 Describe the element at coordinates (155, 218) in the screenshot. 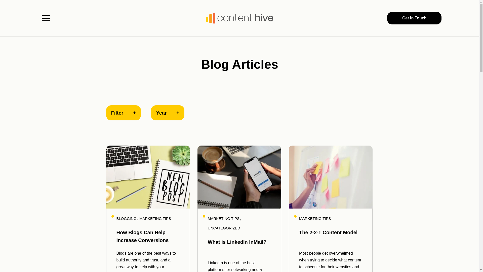

I see `'MARKETING TIPS'` at that location.